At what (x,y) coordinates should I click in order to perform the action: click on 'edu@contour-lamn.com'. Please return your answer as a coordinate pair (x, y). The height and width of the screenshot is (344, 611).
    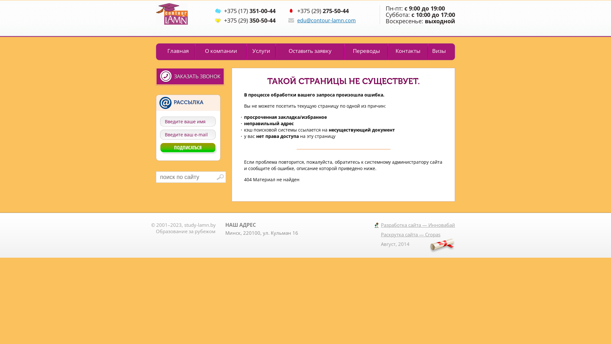
    Looking at the image, I should click on (327, 20).